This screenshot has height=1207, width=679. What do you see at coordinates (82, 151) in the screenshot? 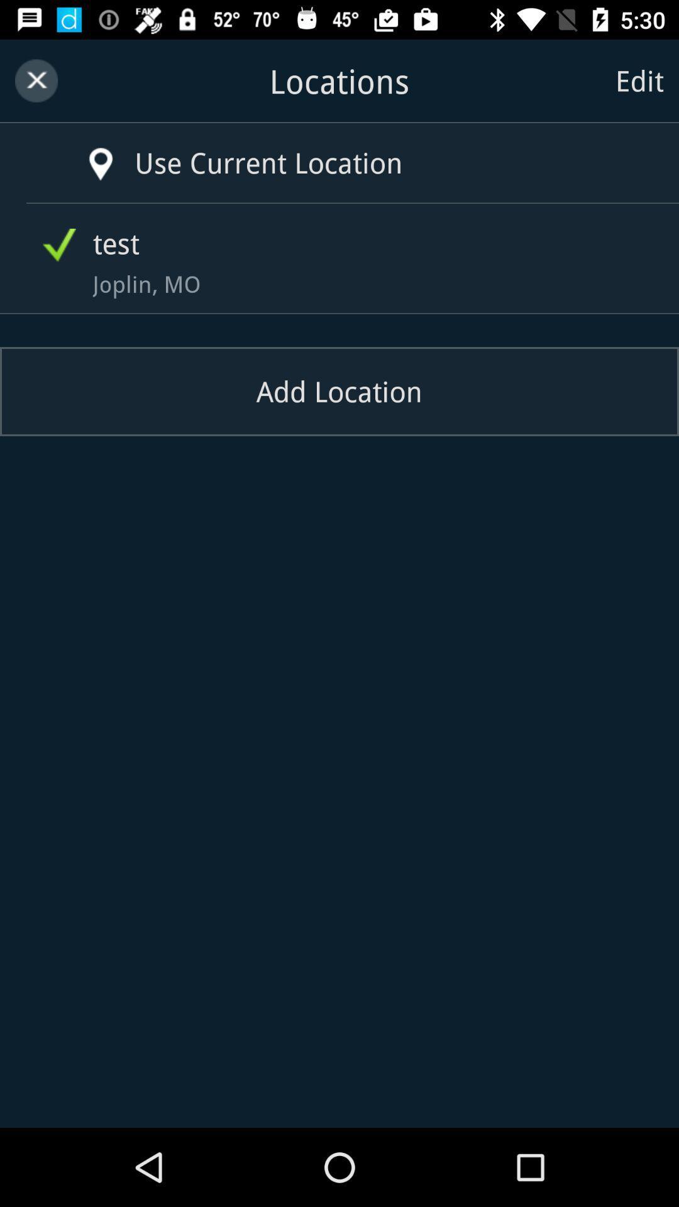
I see `the explore icon` at bounding box center [82, 151].